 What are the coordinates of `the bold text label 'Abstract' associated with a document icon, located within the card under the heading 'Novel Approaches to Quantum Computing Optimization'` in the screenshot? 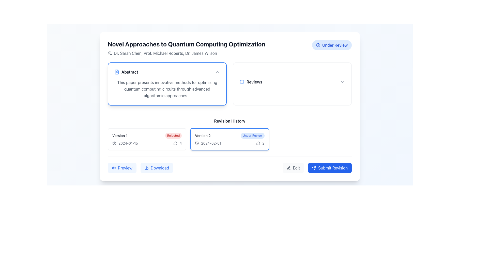 It's located at (130, 72).